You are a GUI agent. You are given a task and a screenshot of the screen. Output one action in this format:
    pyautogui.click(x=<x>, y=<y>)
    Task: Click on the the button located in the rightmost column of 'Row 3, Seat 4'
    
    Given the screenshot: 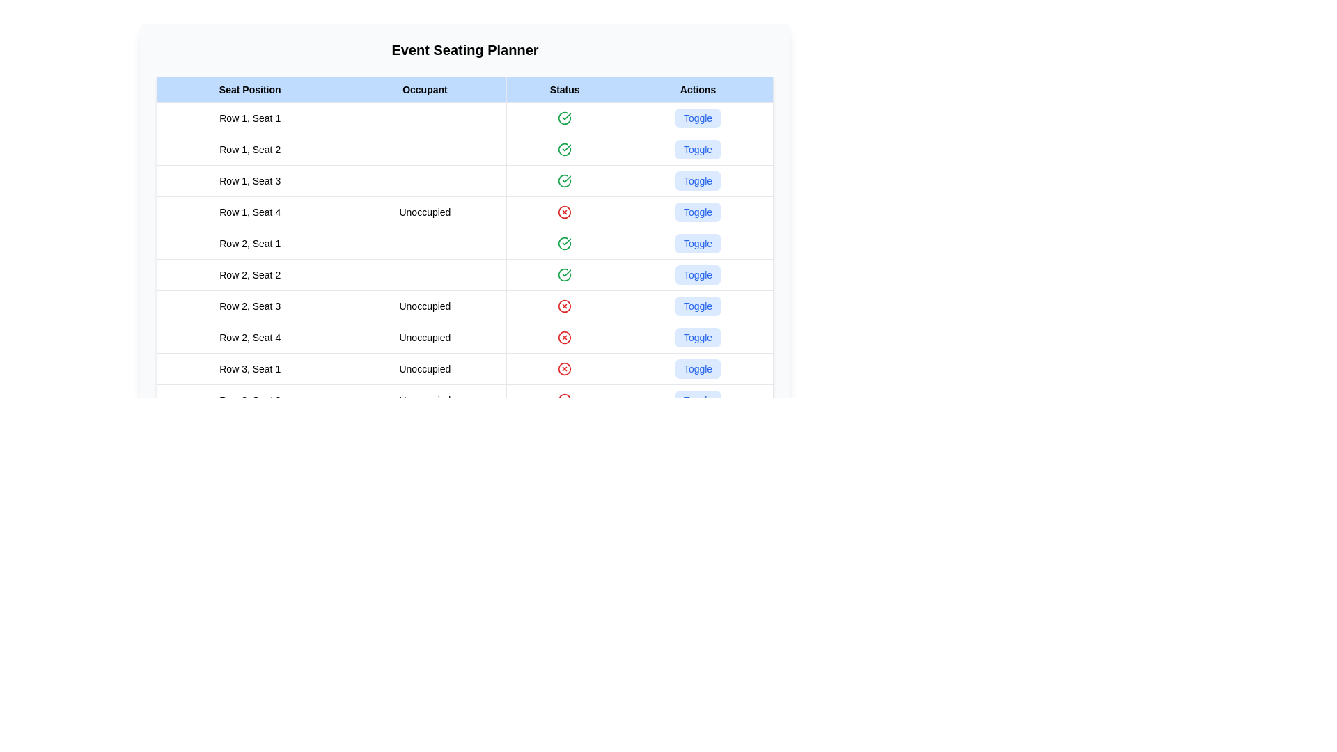 What is the action you would take?
    pyautogui.click(x=698, y=462)
    